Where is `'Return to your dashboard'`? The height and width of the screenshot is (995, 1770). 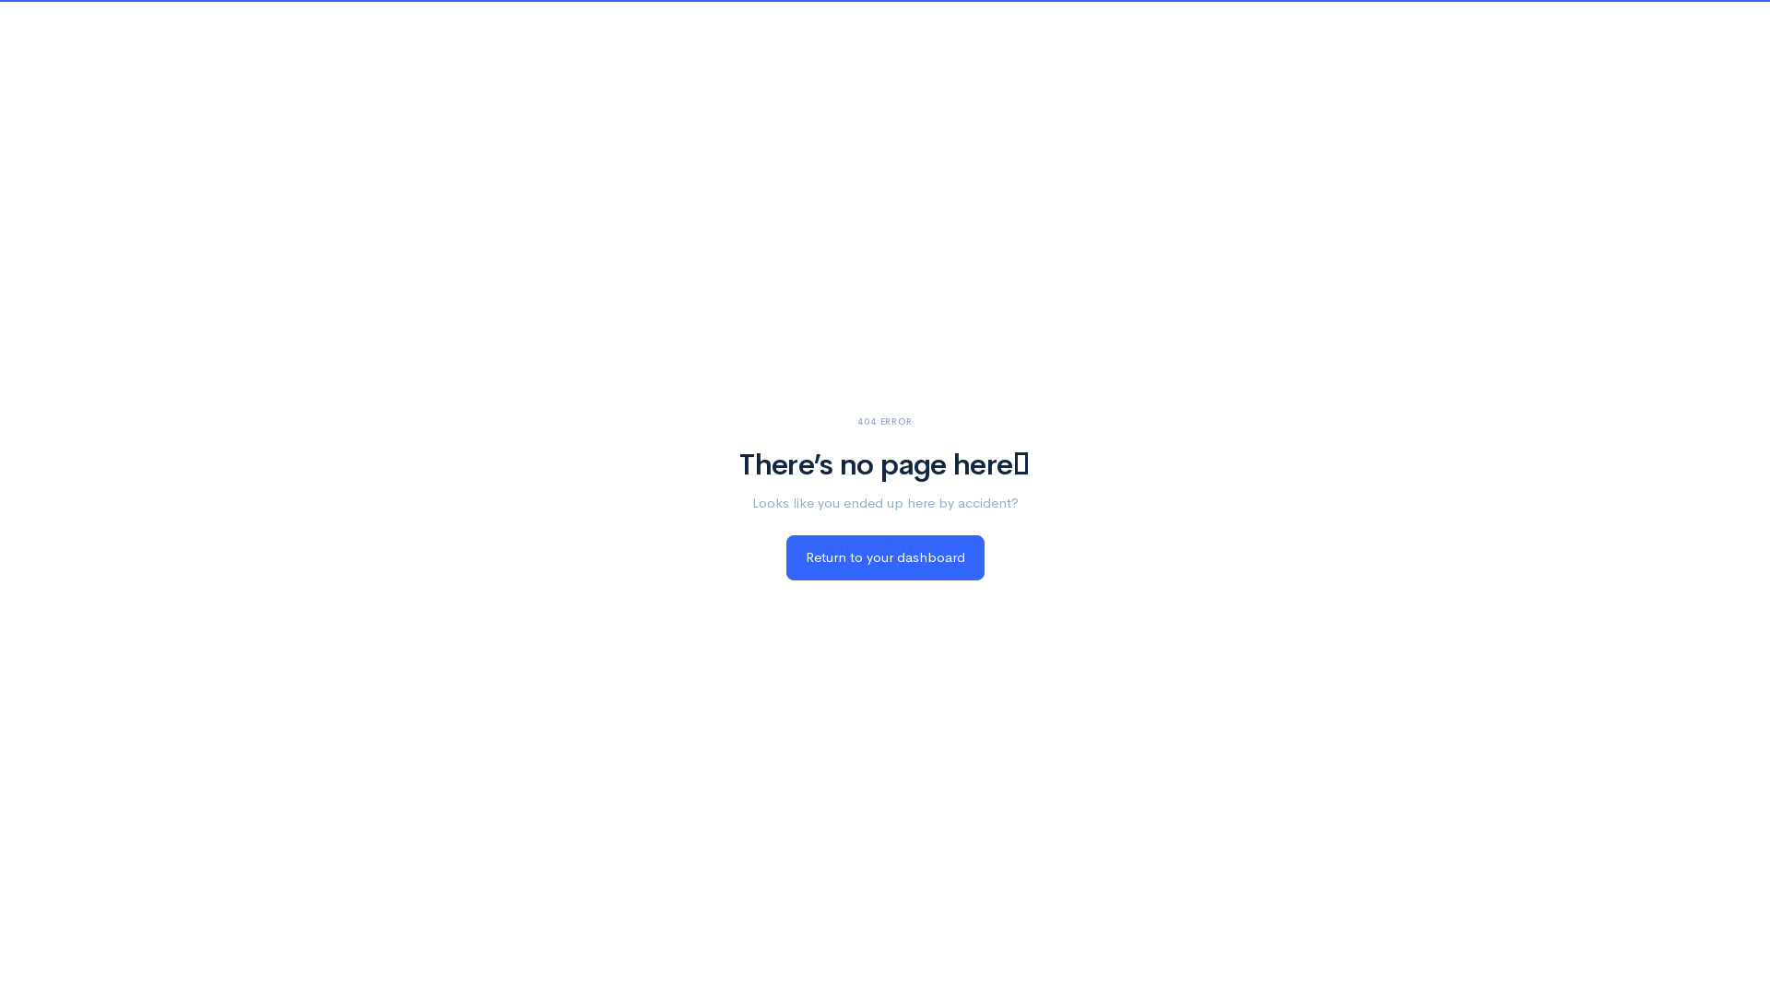
'Return to your dashboard' is located at coordinates (883, 556).